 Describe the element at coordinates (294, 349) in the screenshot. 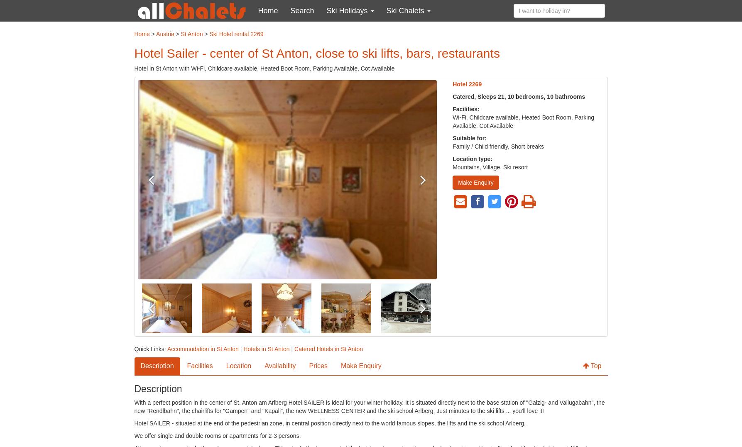

I see `'Catered Hotels in St Anton'` at that location.